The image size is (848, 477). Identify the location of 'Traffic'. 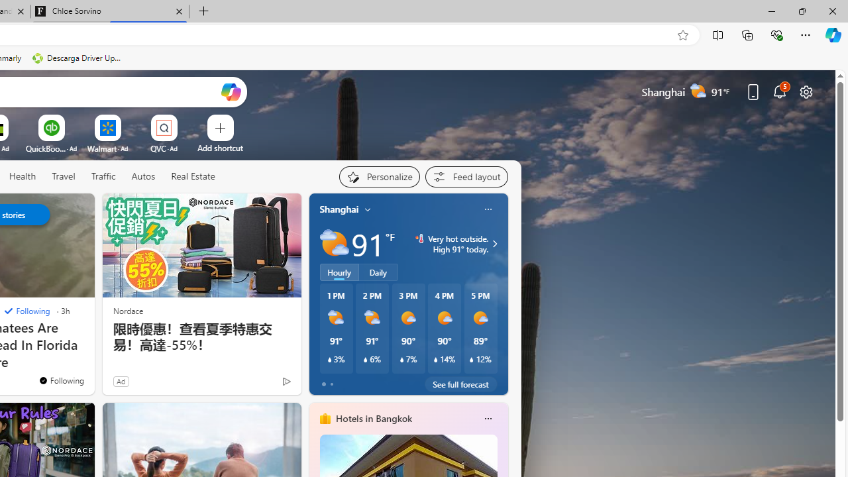
(103, 176).